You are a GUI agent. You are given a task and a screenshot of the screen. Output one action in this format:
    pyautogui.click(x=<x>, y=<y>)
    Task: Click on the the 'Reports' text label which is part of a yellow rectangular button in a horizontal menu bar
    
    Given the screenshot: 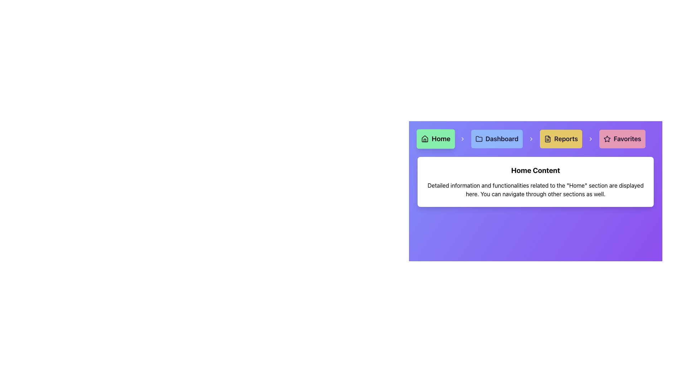 What is the action you would take?
    pyautogui.click(x=566, y=139)
    